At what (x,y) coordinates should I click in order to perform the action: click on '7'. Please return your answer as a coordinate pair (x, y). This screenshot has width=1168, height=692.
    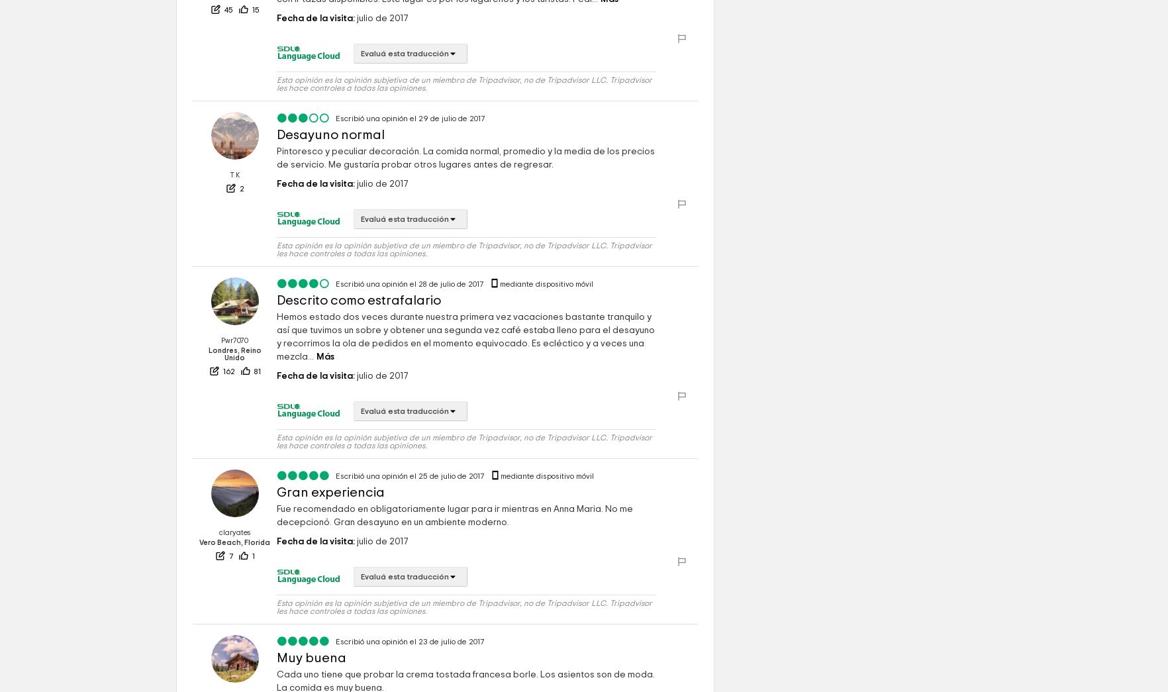
    Looking at the image, I should click on (230, 595).